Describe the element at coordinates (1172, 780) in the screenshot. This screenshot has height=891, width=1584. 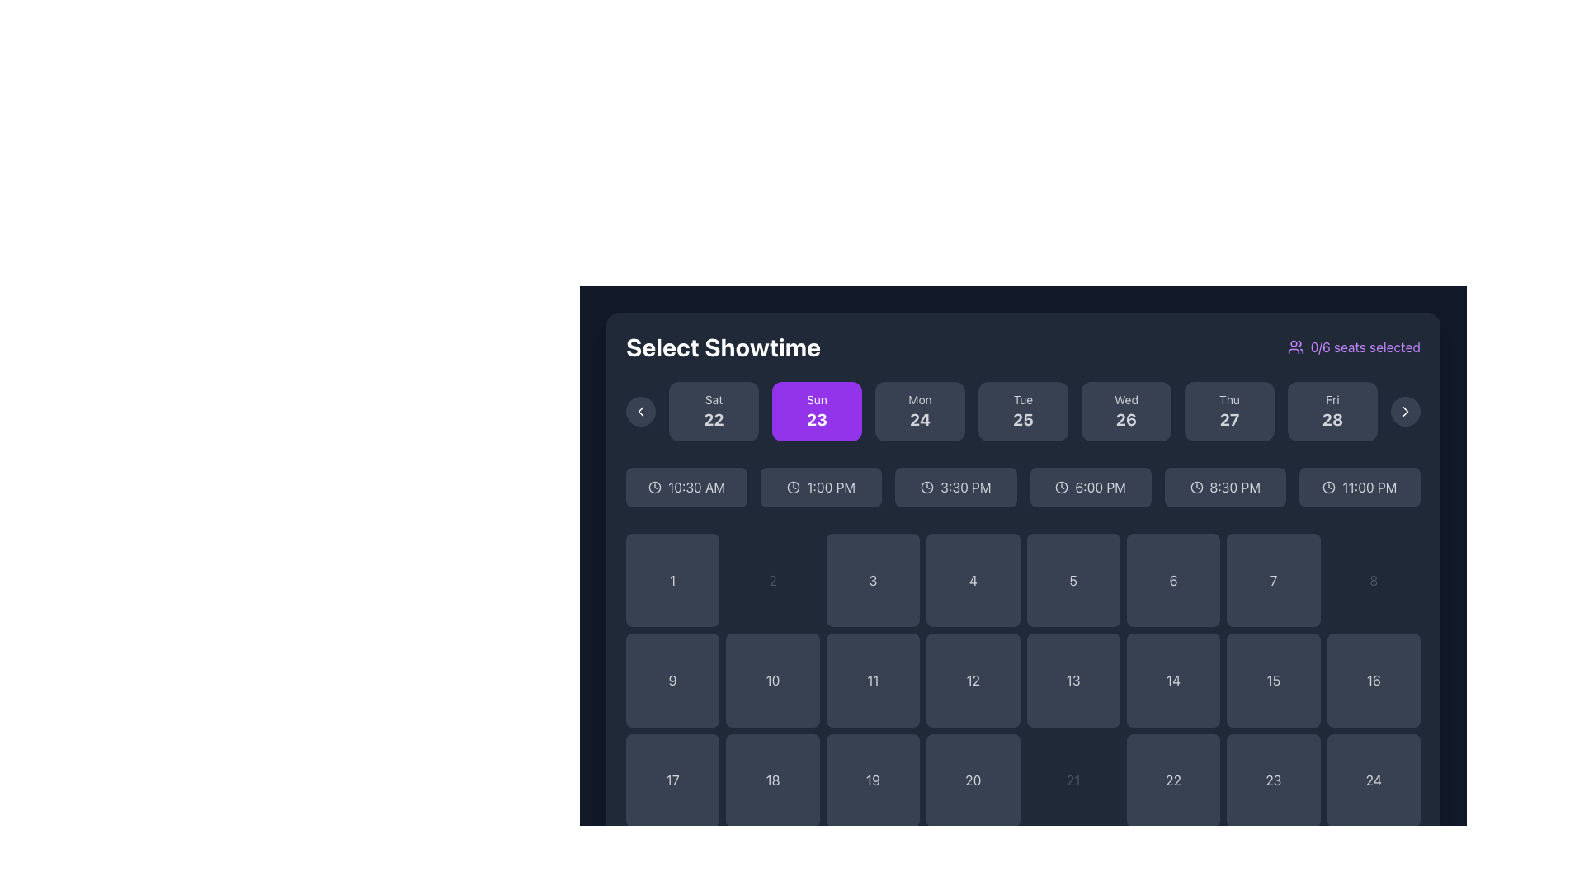
I see `the button displaying the number '22' with a dark background and rounded border` at that location.